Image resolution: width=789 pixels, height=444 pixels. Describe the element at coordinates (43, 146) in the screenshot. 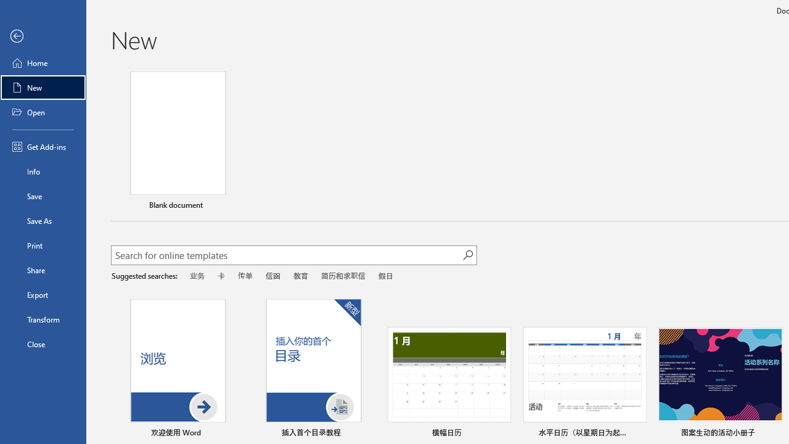

I see `'Get Add-ins'` at that location.